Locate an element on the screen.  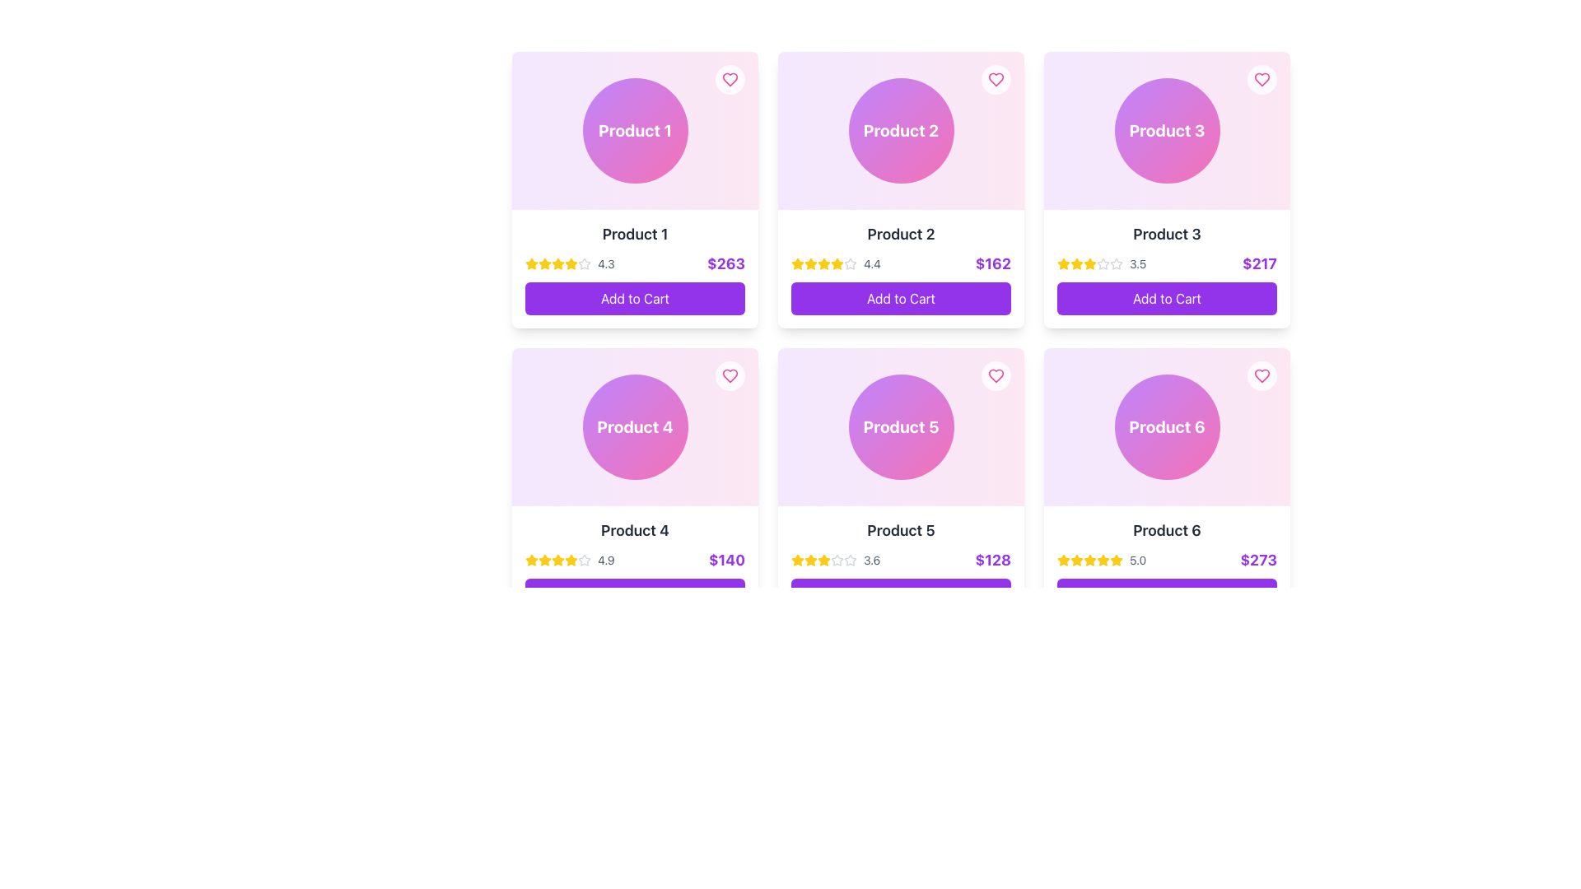
the yellow star icon representing the rating, which is the third star from the left in a horizontal sequence of five stars located below 'Product 4' and above the price '$140' is located at coordinates (545, 560).